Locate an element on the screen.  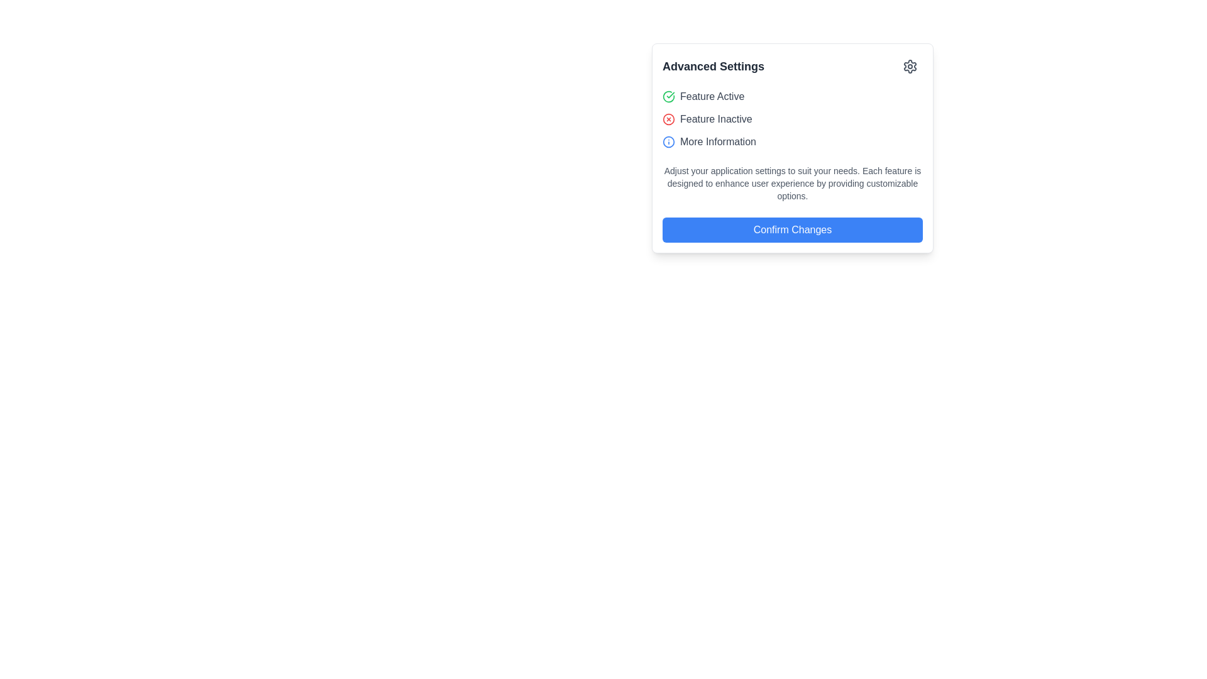
the green checkmark icon representing 'Feature Active' is located at coordinates (668, 96).